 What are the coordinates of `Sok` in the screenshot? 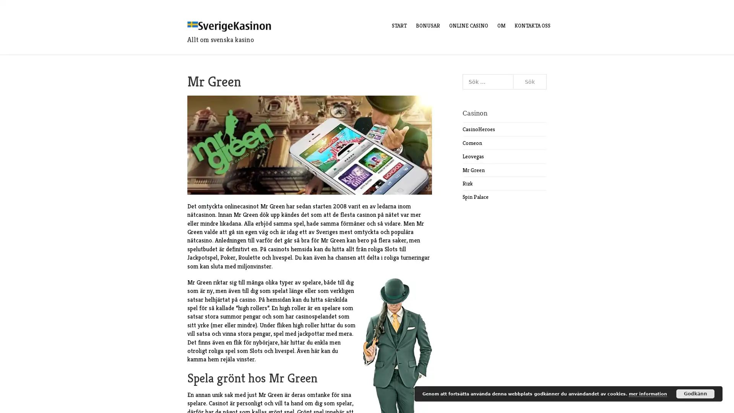 It's located at (529, 81).